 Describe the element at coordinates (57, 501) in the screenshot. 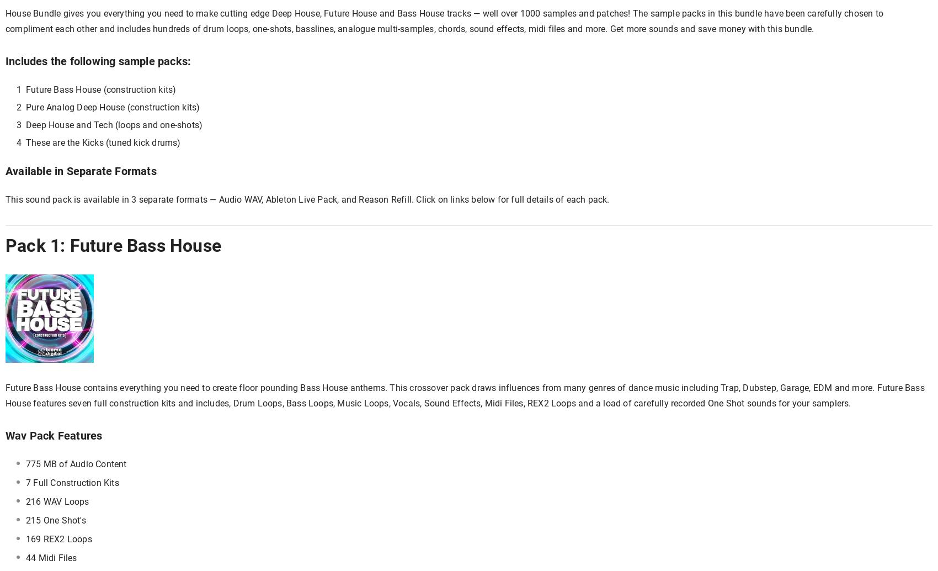

I see `'216 WAV Loops'` at that location.